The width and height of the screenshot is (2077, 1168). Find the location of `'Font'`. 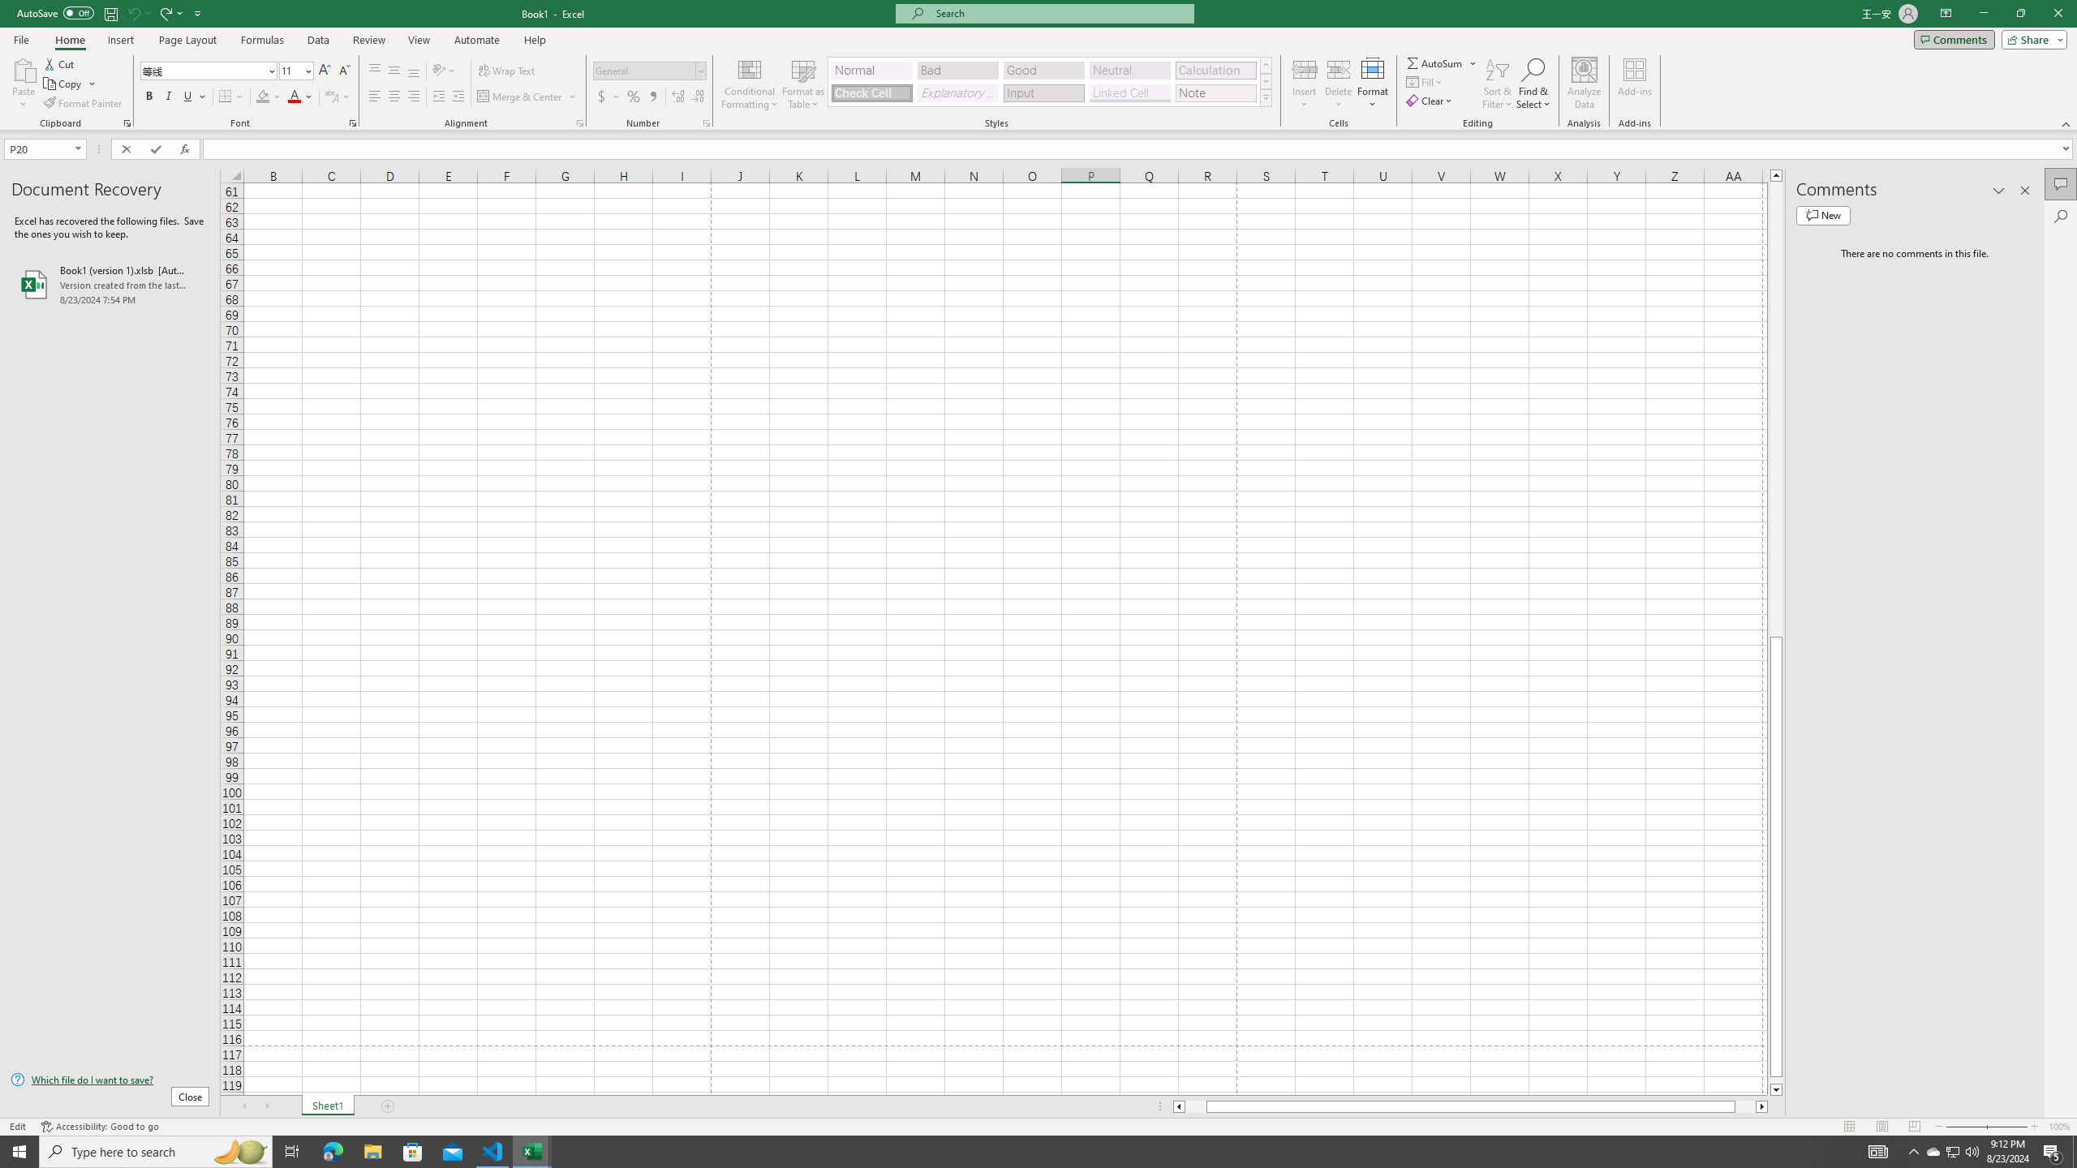

'Font' is located at coordinates (202, 71).